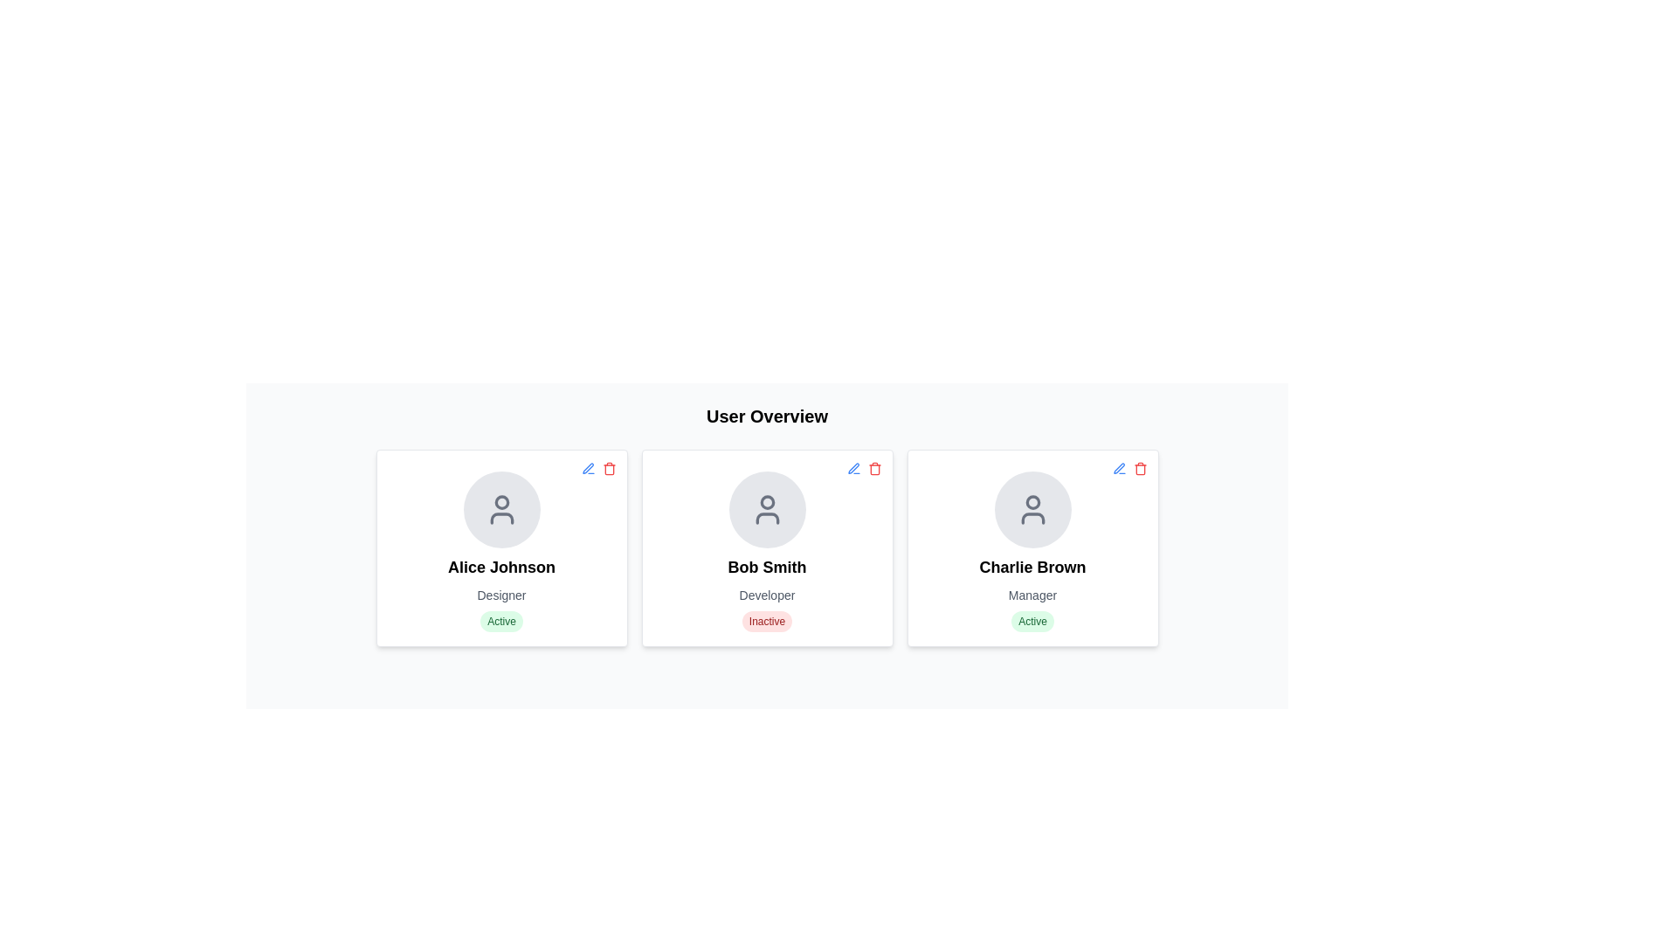  What do you see at coordinates (767, 621) in the screenshot?
I see `the 'Inactive' Status Badge located at the bottom-center of Bob Smith's profile card, which indicates the status of the profile` at bounding box center [767, 621].